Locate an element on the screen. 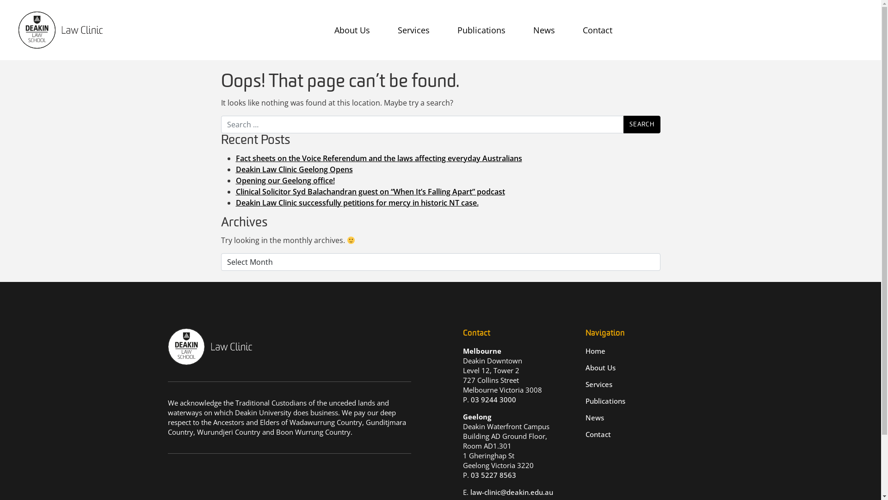 Image resolution: width=888 pixels, height=500 pixels. 'About Us' is located at coordinates (330, 30).